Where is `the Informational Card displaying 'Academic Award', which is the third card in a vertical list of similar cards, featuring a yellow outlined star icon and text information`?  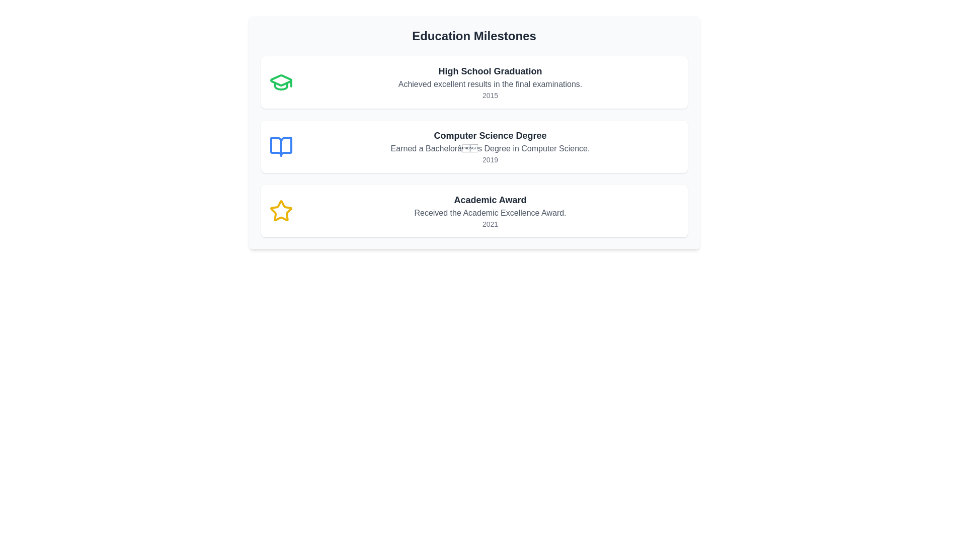
the Informational Card displaying 'Academic Award', which is the third card in a vertical list of similar cards, featuring a yellow outlined star icon and text information is located at coordinates (473, 211).